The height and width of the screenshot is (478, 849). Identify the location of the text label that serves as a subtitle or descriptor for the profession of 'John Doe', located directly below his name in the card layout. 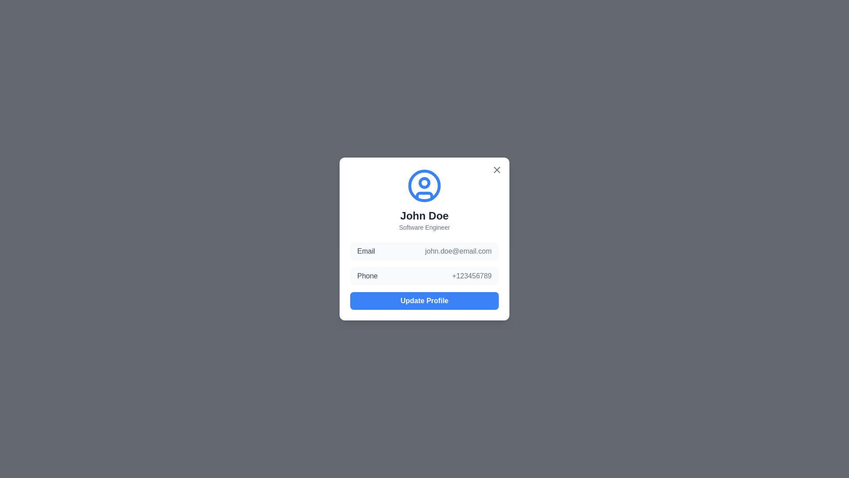
(424, 227).